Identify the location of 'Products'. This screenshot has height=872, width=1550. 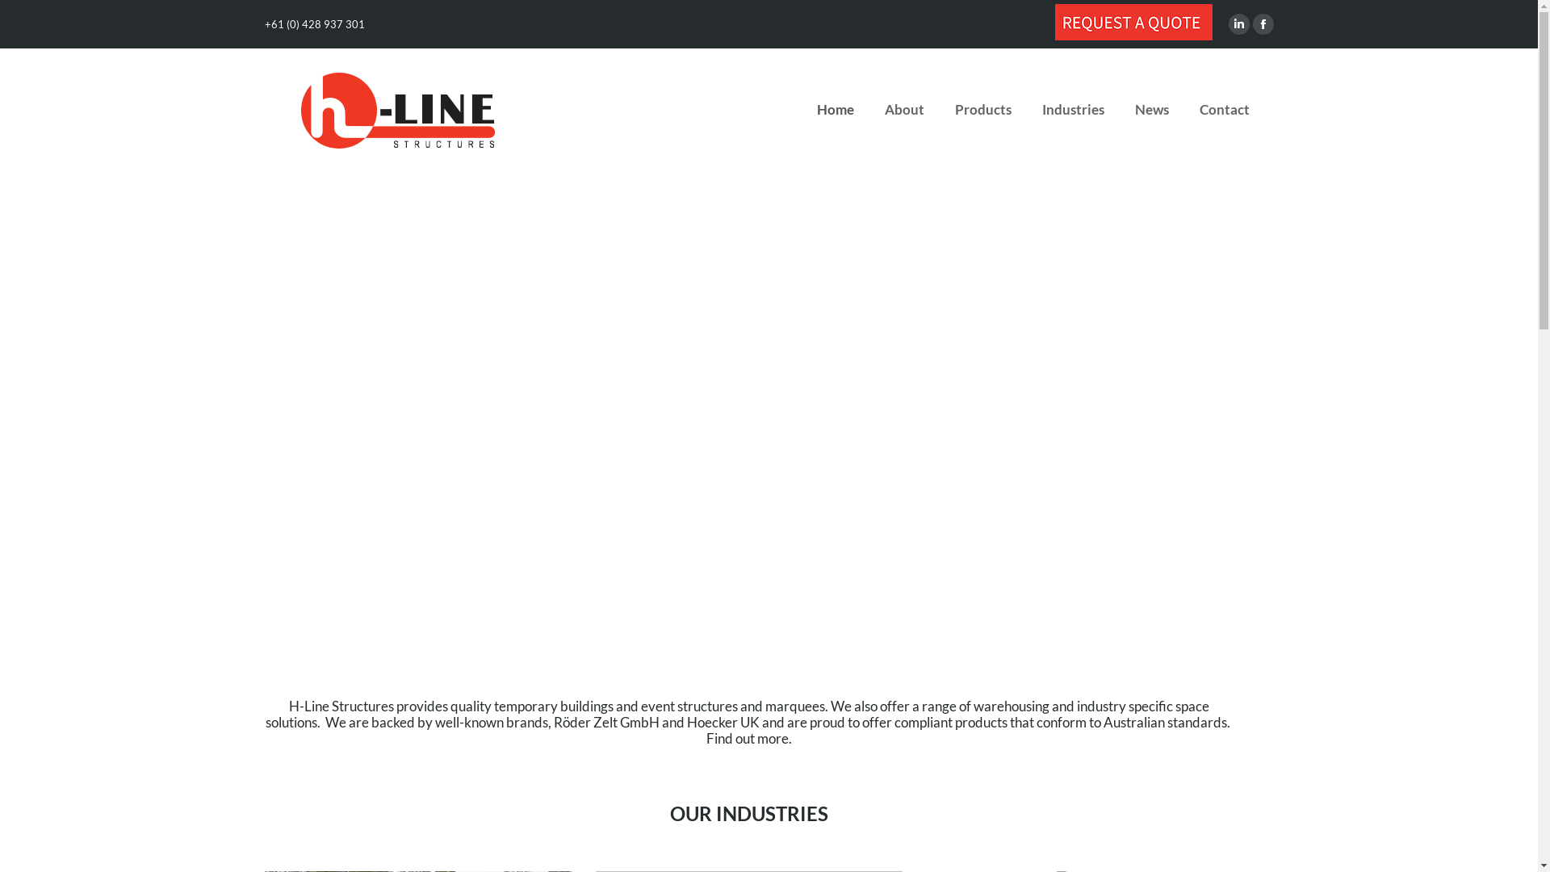
(982, 109).